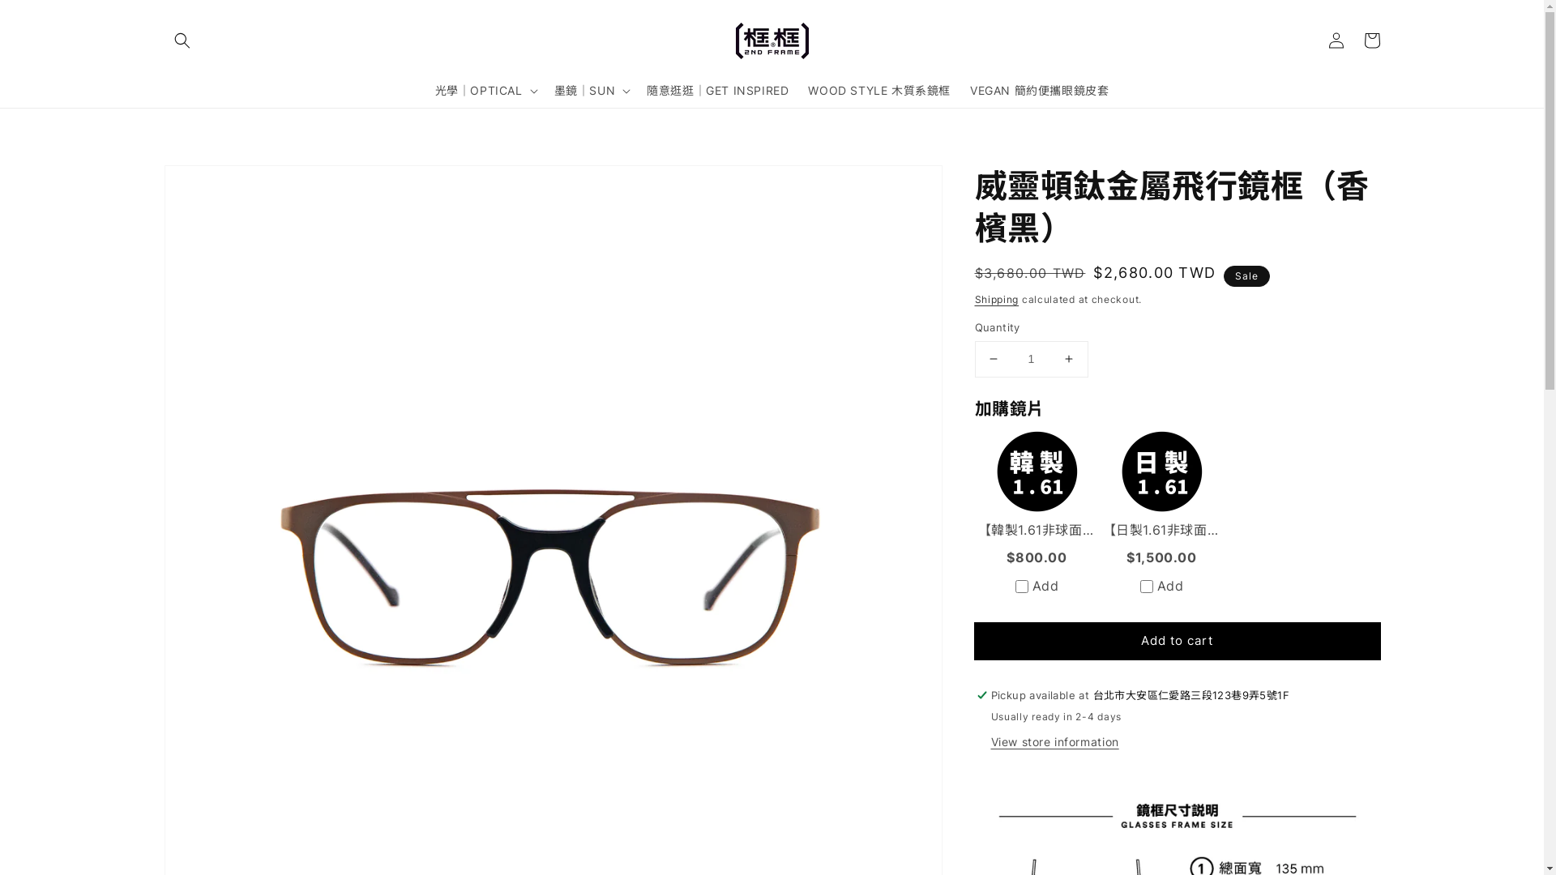  I want to click on 'View store information', so click(990, 742).